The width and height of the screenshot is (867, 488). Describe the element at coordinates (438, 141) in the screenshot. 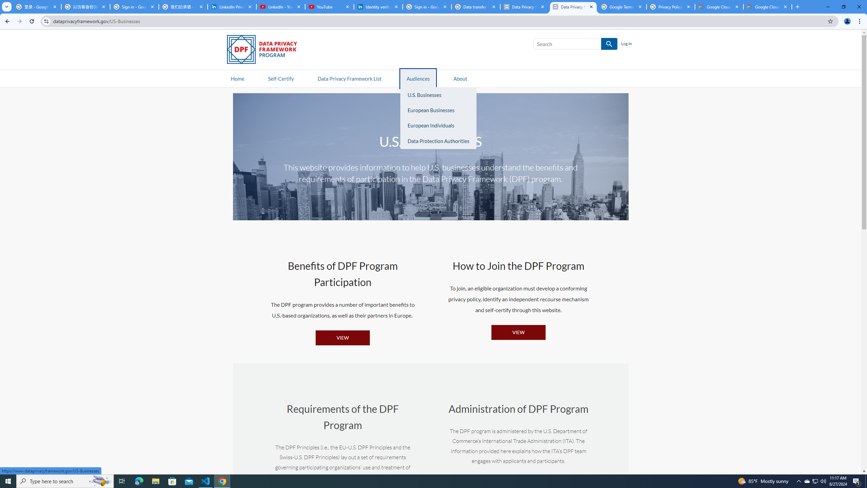

I see `'Data Protection Authorities'` at that location.